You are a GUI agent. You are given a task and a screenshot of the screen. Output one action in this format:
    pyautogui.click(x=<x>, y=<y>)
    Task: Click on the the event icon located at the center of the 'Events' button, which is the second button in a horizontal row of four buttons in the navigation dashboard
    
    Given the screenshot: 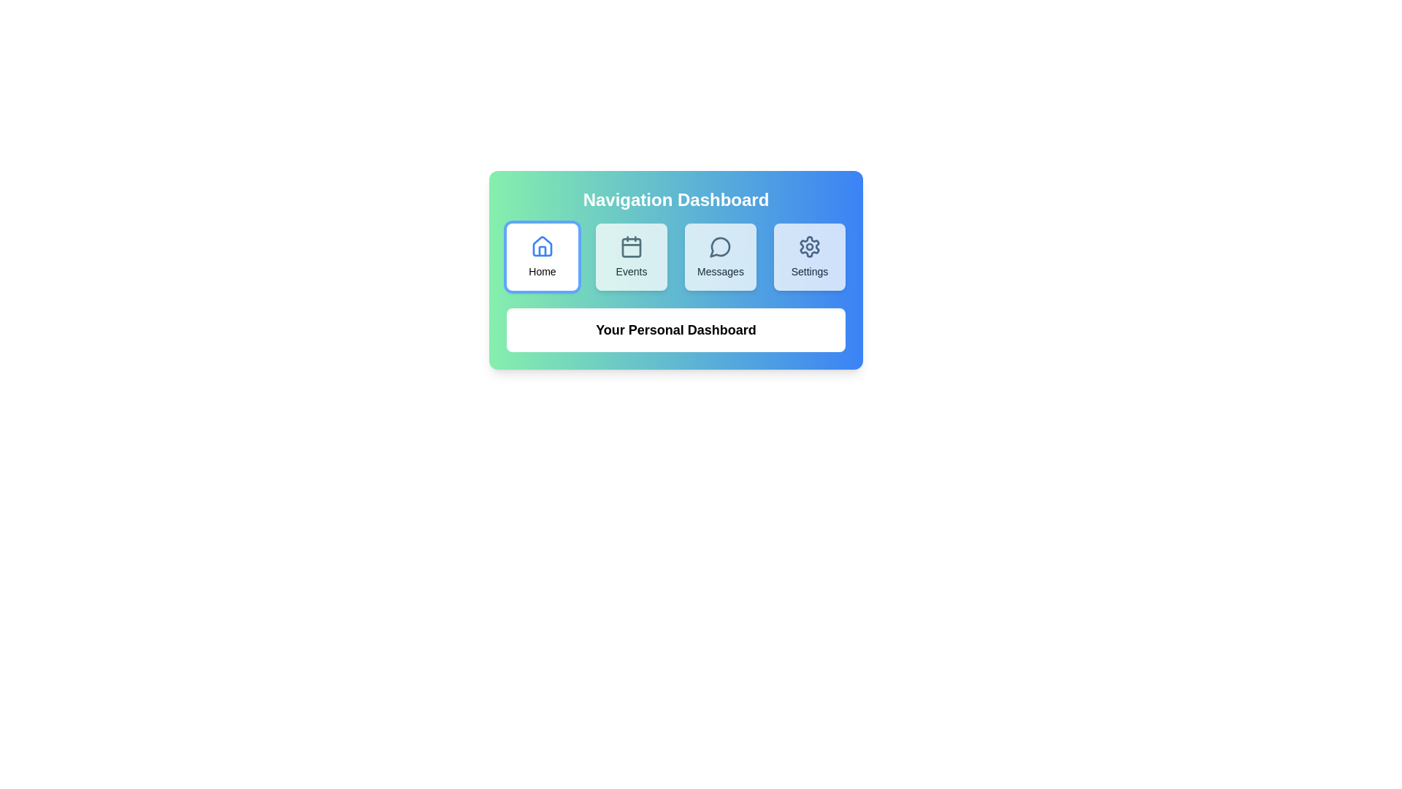 What is the action you would take?
    pyautogui.click(x=631, y=246)
    